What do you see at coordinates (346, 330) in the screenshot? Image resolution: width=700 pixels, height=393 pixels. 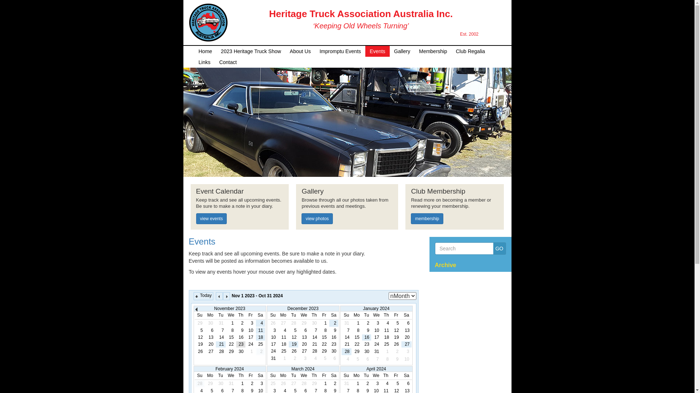 I see `'7'` at bounding box center [346, 330].